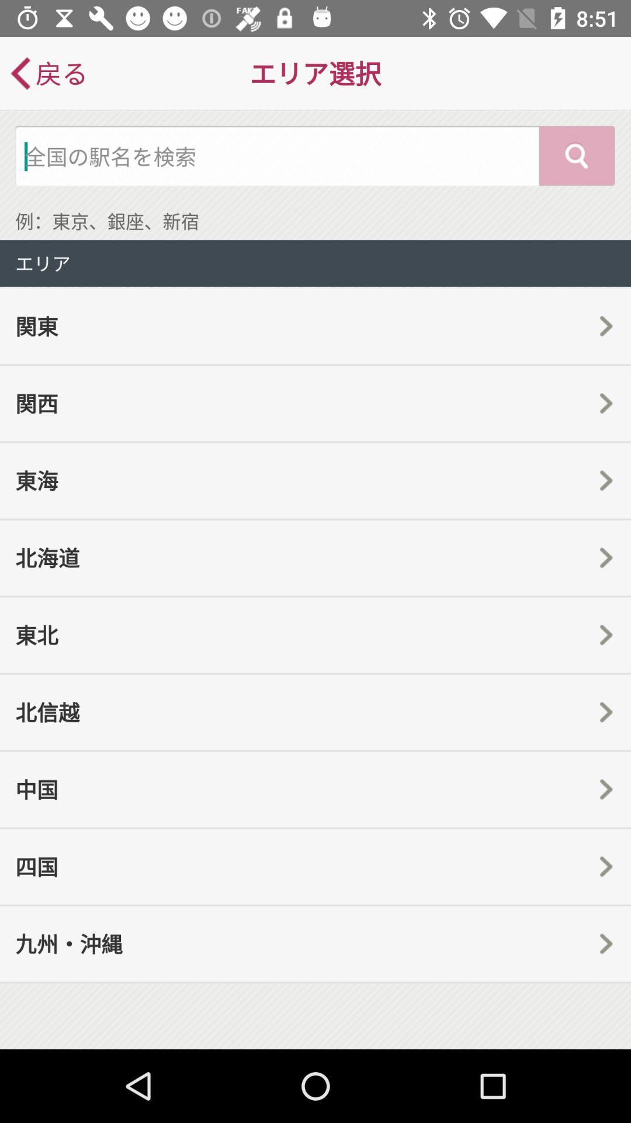  What do you see at coordinates (47, 73) in the screenshot?
I see `icon at the top left corner` at bounding box center [47, 73].